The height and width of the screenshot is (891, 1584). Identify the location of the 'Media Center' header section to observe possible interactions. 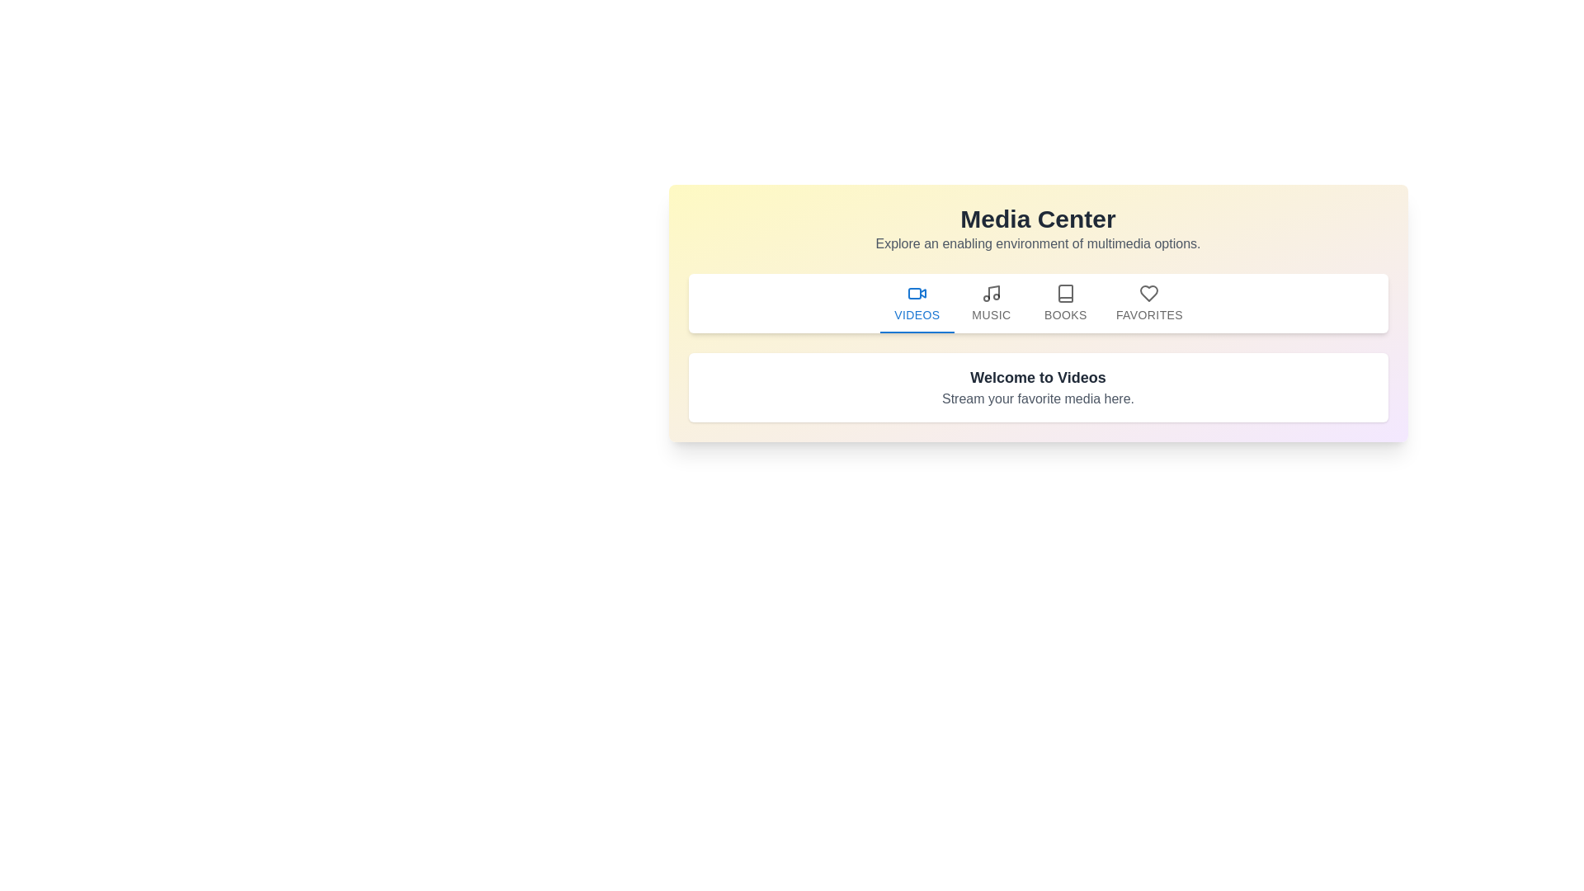
(1037, 229).